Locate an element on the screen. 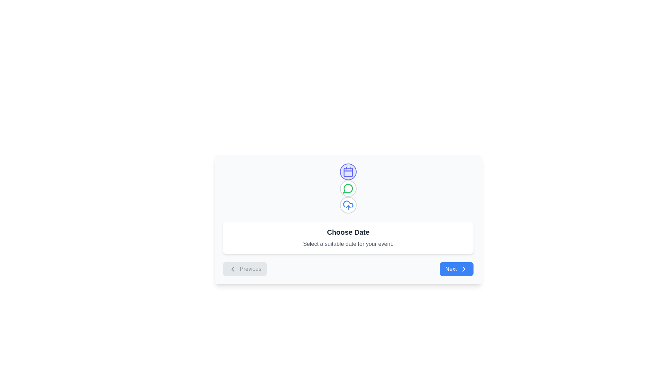 The width and height of the screenshot is (668, 375). the 'Next' button located at the bottom-right of the user interface, which contains a chevron arrow SVG icon for forward navigation is located at coordinates (464, 269).